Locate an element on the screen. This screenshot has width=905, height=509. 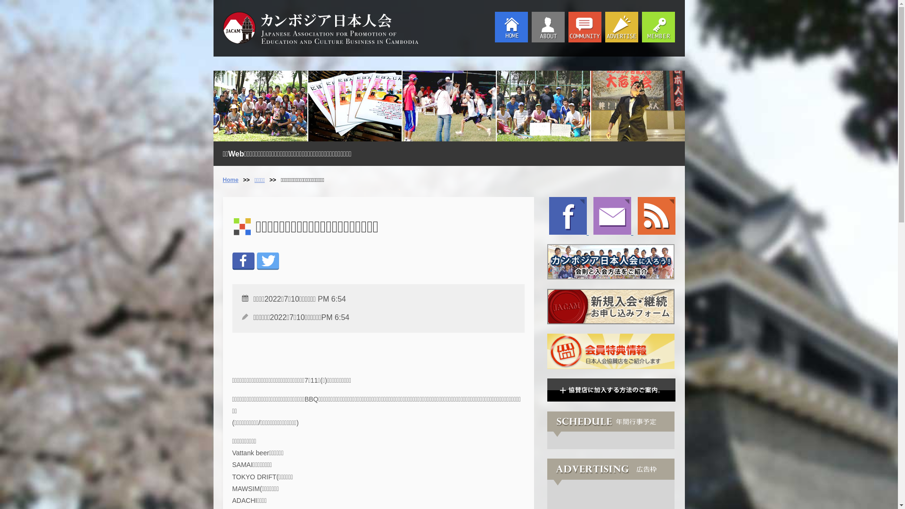
'Home' is located at coordinates (230, 180).